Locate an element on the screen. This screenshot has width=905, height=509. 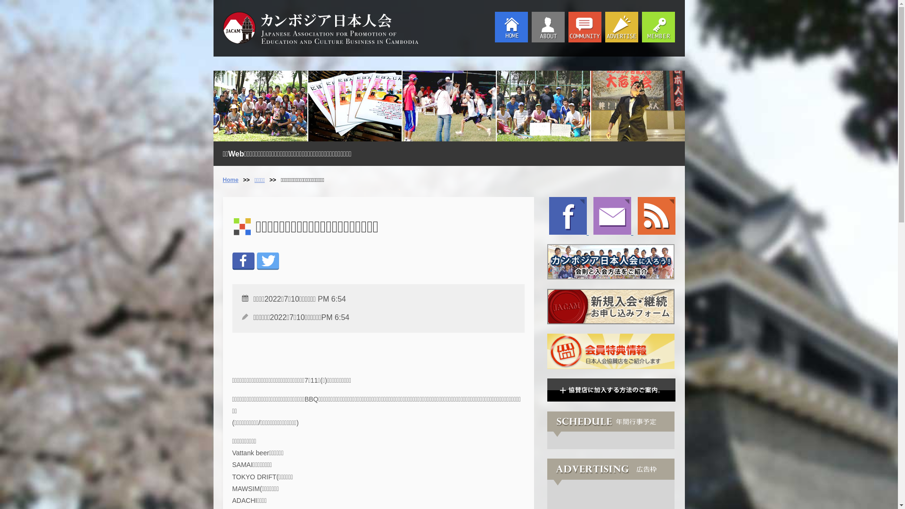
'Home' is located at coordinates (230, 180).